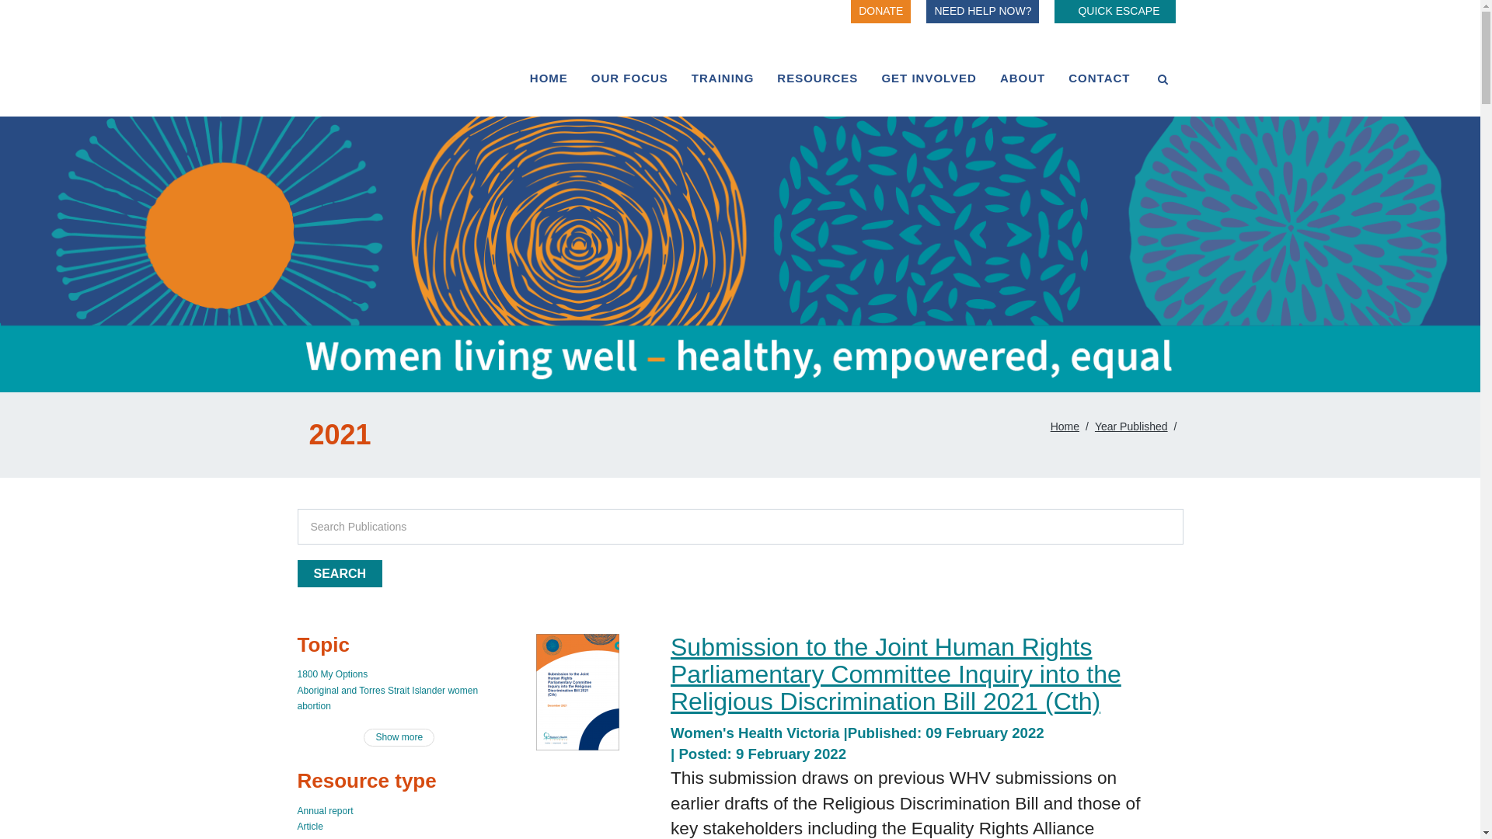  Describe the element at coordinates (309, 826) in the screenshot. I see `'Article'` at that location.